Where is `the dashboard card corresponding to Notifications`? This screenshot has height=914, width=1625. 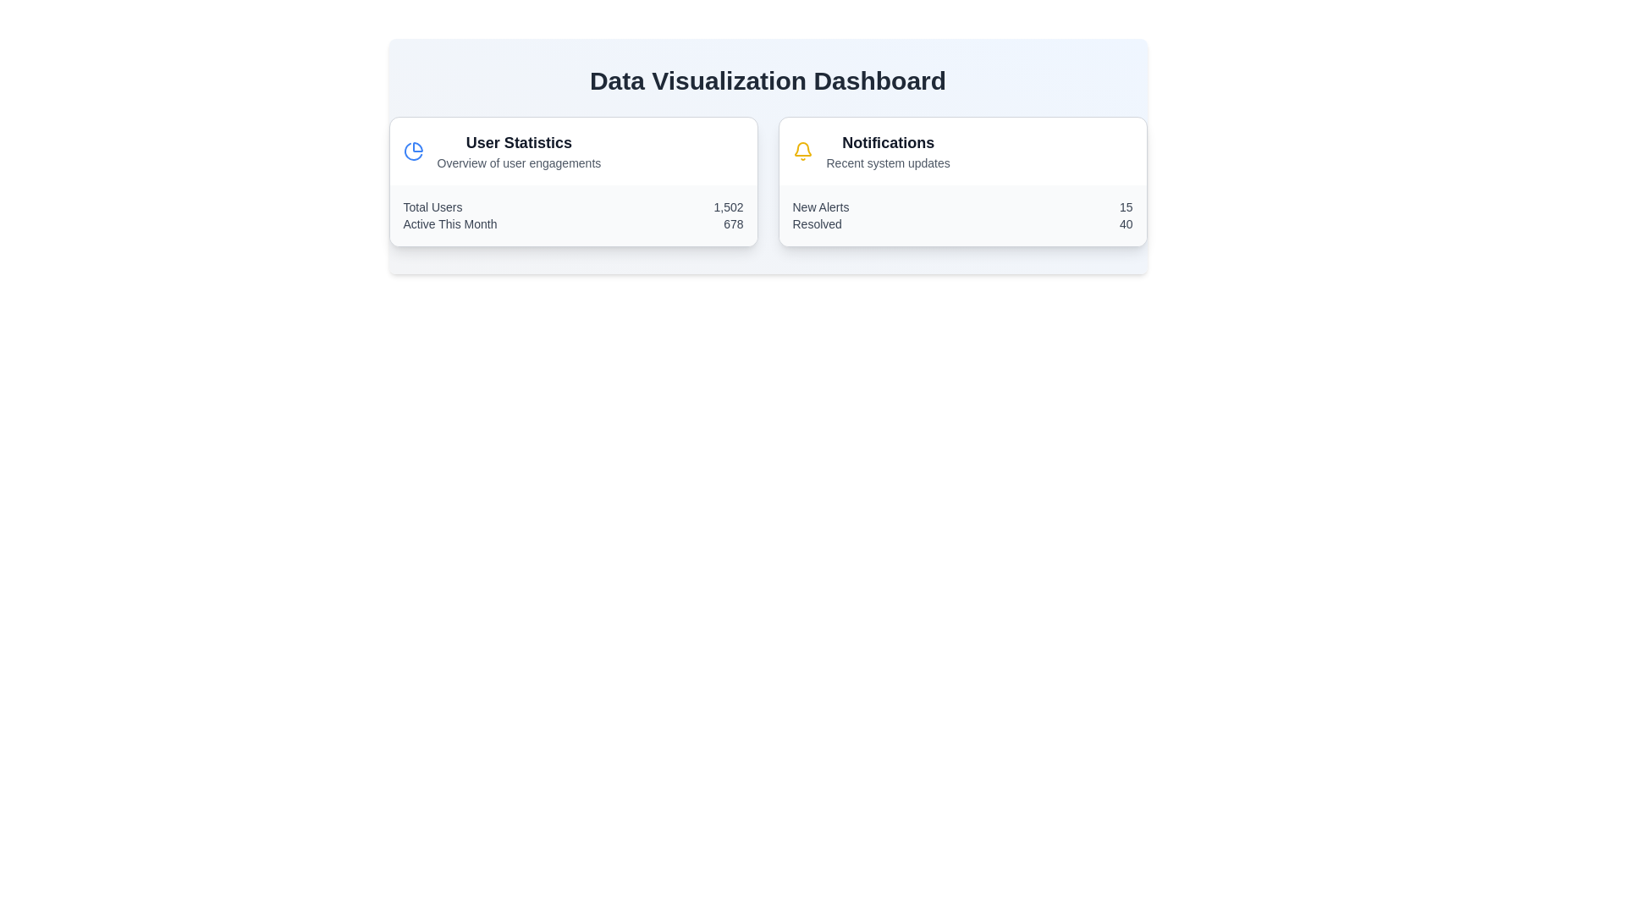
the dashboard card corresponding to Notifications is located at coordinates (962, 182).